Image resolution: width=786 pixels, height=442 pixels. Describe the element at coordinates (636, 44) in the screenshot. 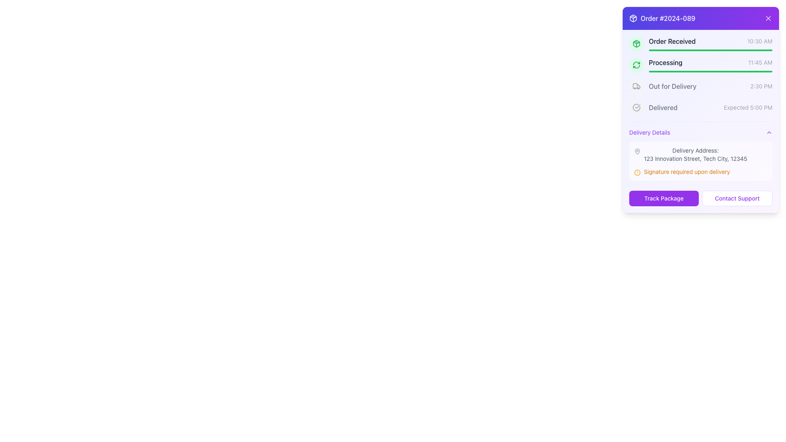

I see `the green 'Order Received' status indicator icon located to the left of the text 'Order Received' in the first row of the multi-step status tracking list` at that location.